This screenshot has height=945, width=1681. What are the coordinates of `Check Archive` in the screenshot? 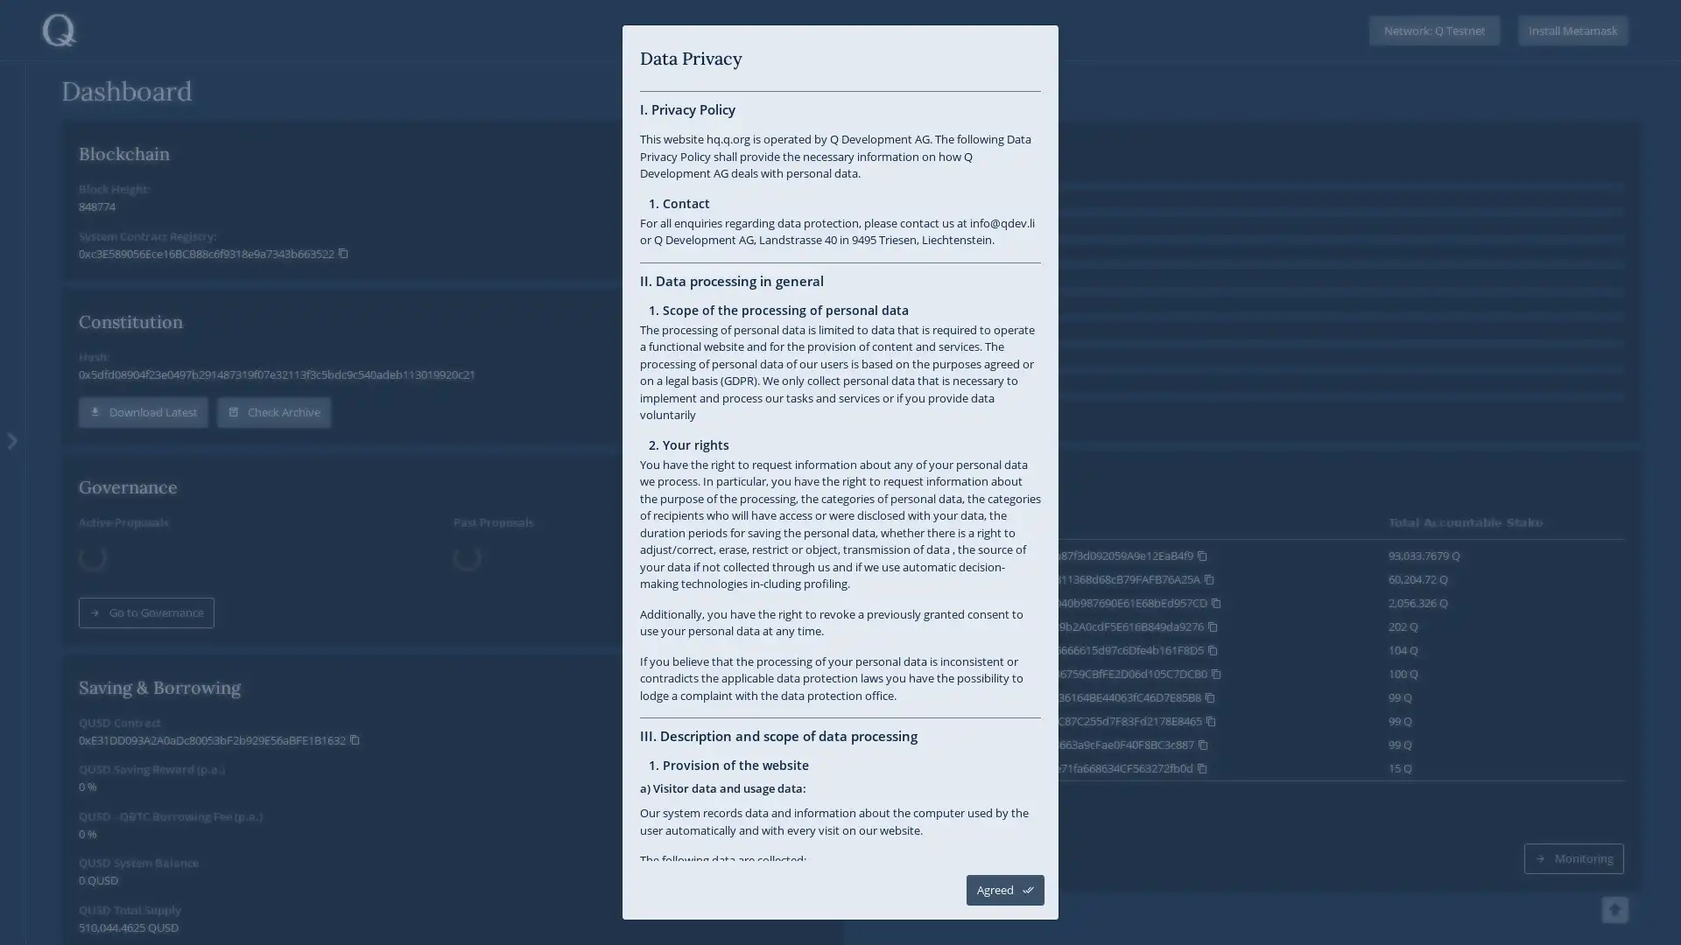 It's located at (272, 411).